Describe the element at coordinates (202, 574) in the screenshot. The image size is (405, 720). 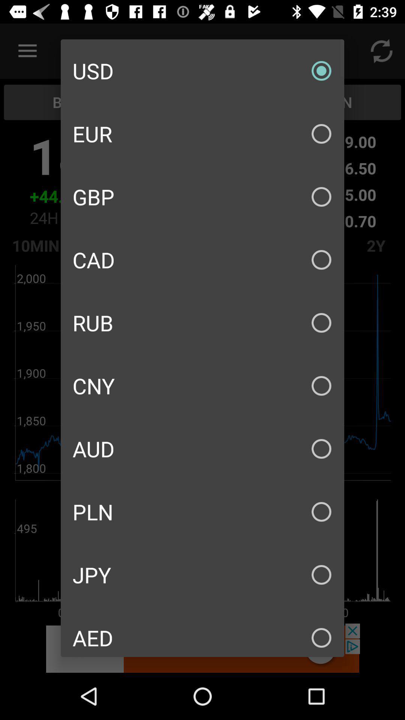
I see `the icon below the pln` at that location.